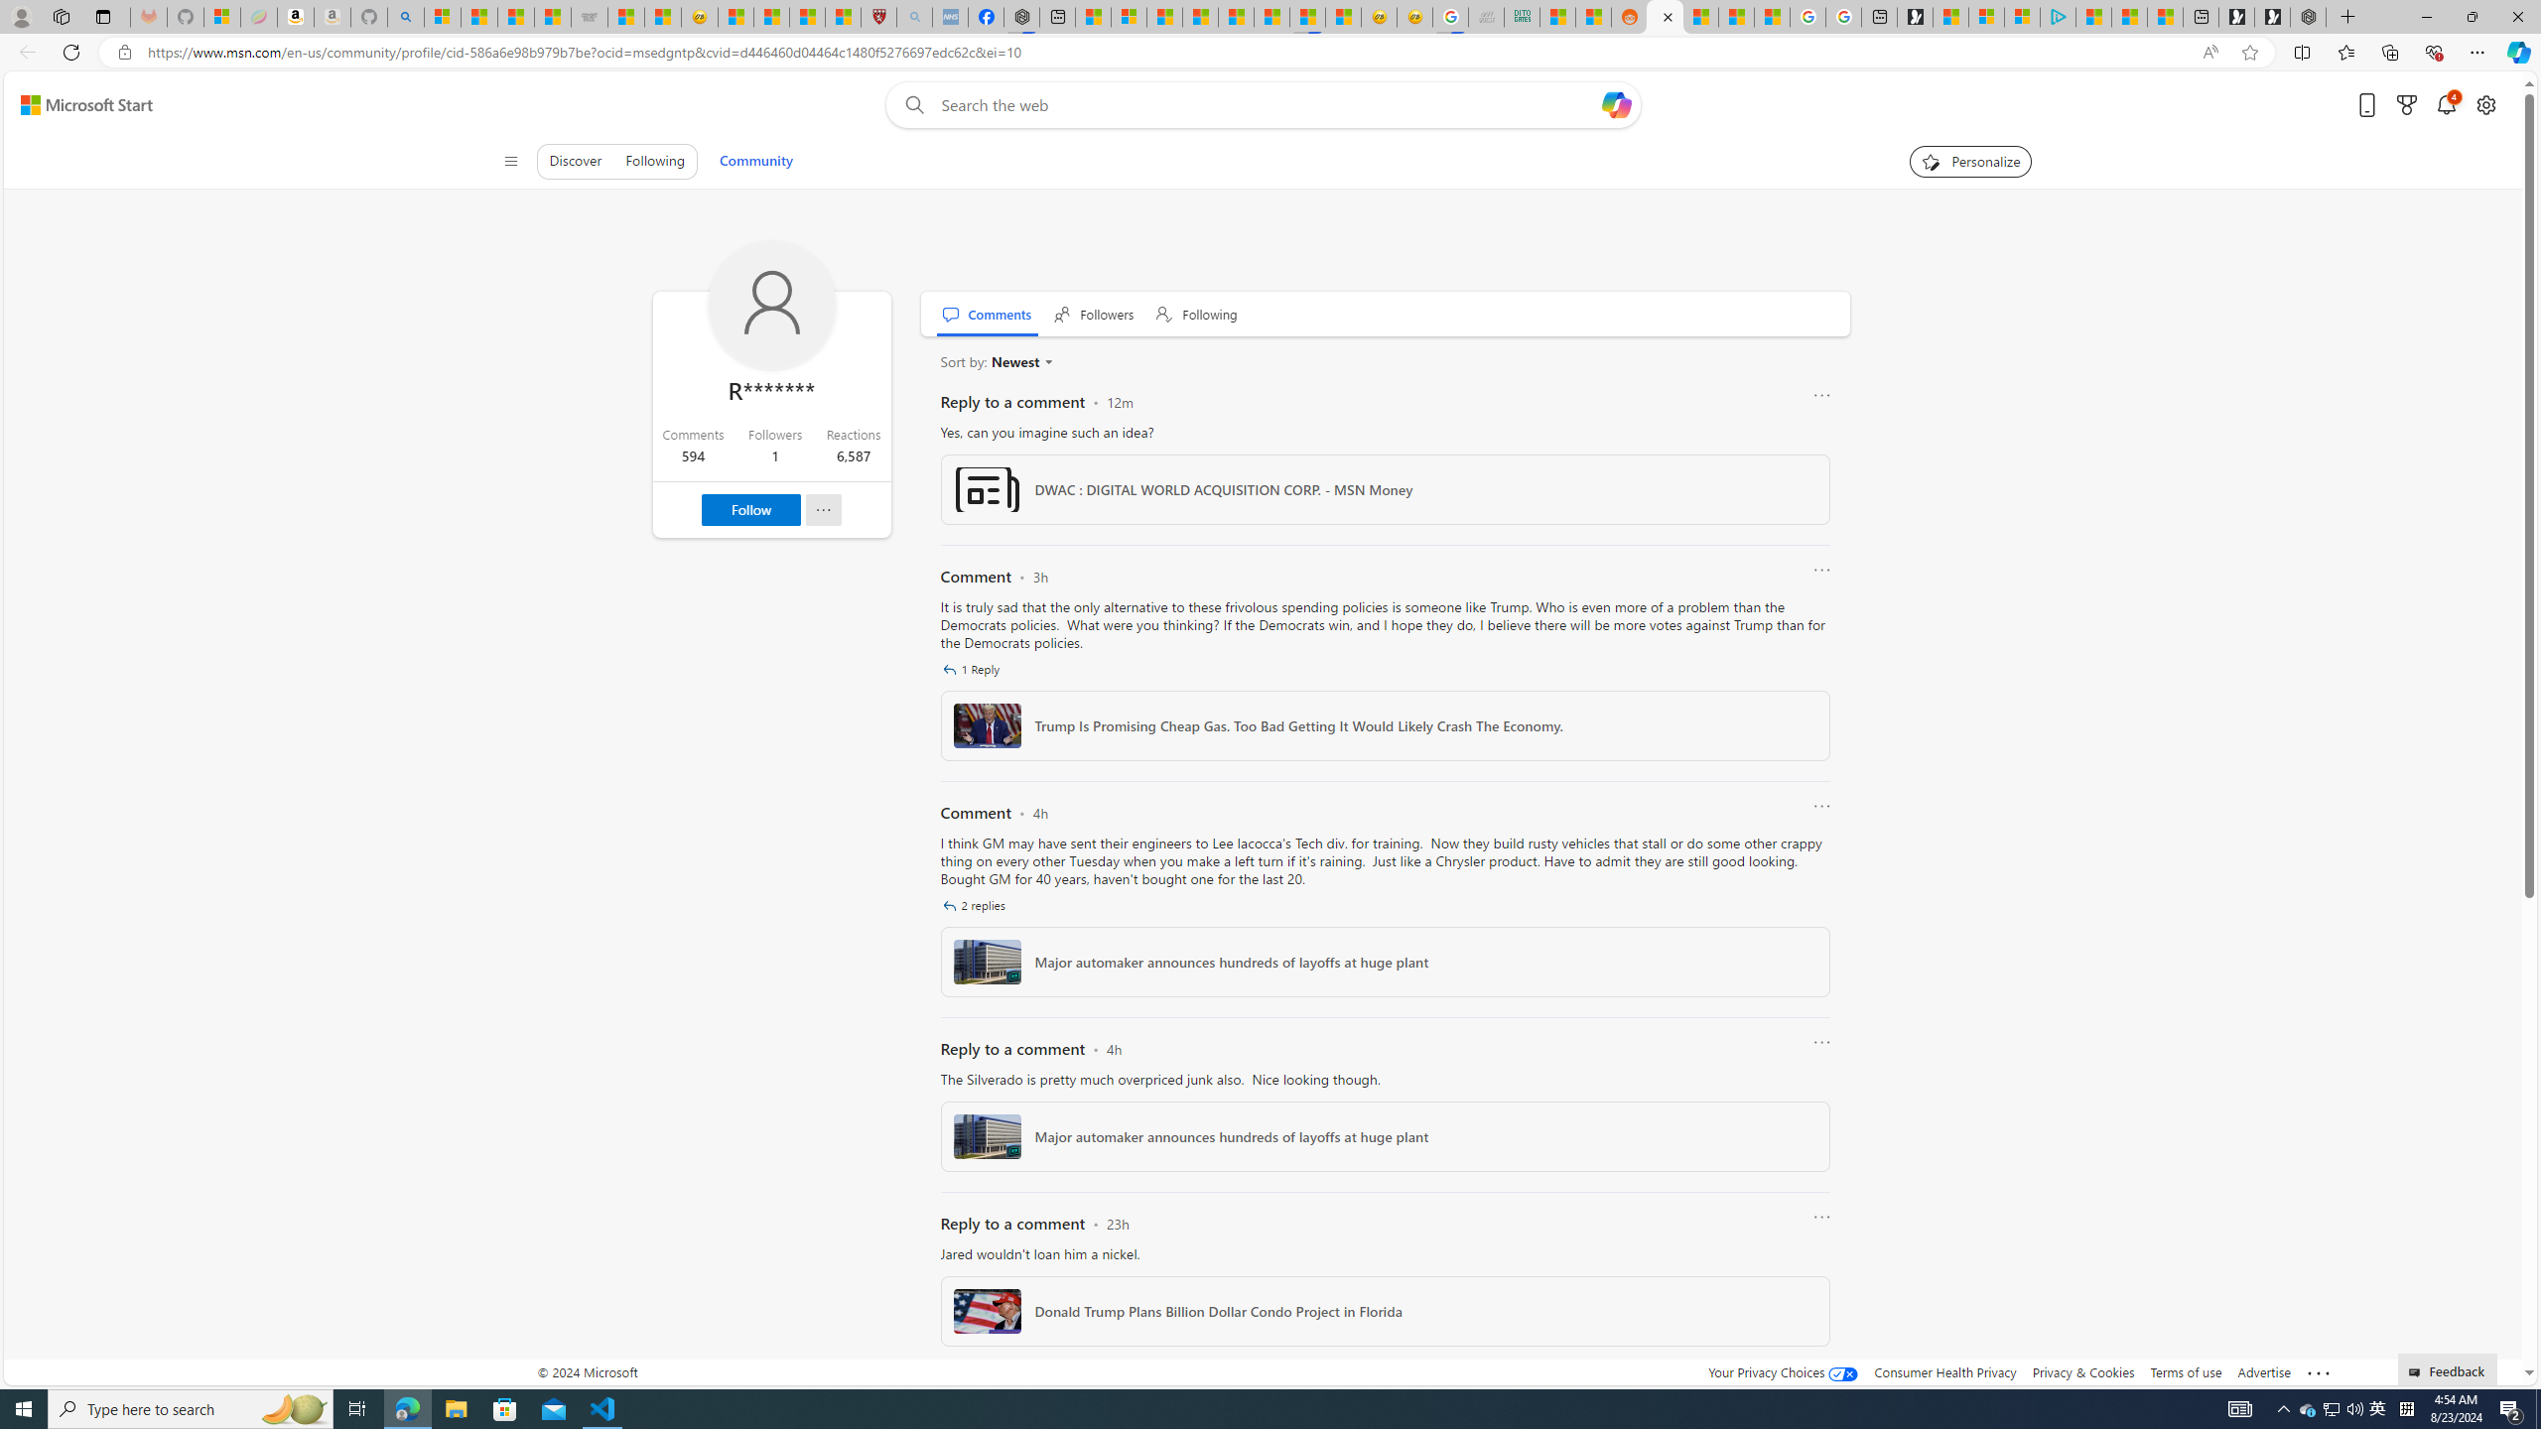 This screenshot has height=1429, width=2541. Describe the element at coordinates (755, 160) in the screenshot. I see `'Community'` at that location.